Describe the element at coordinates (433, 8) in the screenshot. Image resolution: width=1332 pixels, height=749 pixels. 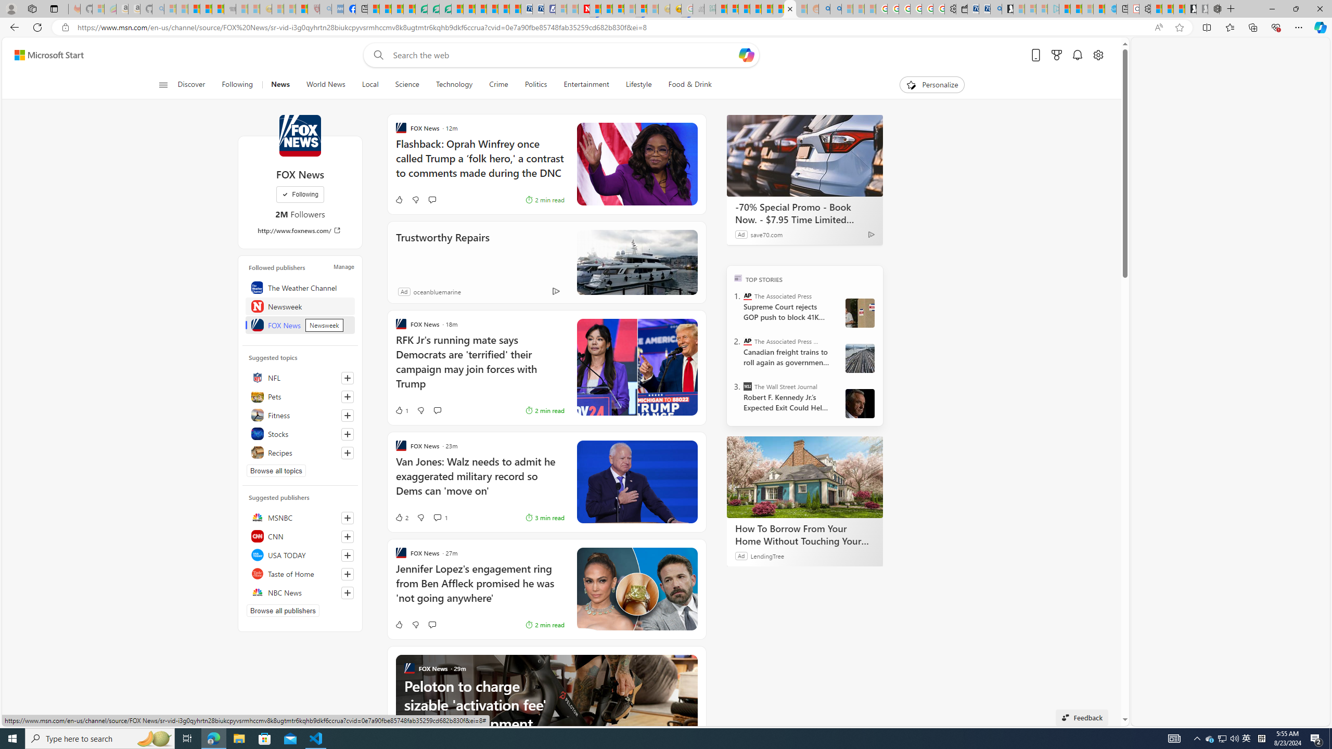
I see `'Terms of Use Agreement'` at that location.